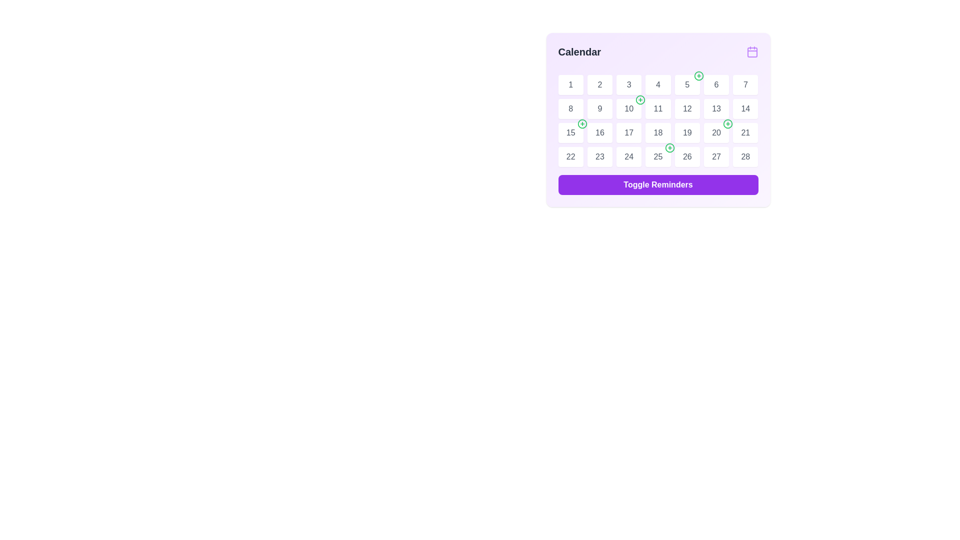 This screenshot has width=960, height=540. What do you see at coordinates (658, 156) in the screenshot?
I see `the text label displaying '25' in gray, located in the second row and seventh column of the calendar view` at bounding box center [658, 156].